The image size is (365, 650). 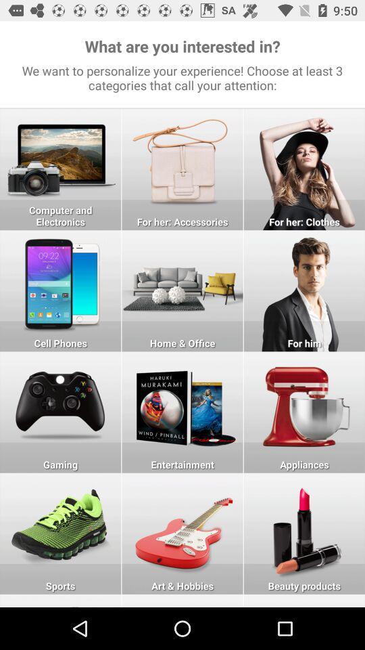 I want to click on move button, so click(x=59, y=600).